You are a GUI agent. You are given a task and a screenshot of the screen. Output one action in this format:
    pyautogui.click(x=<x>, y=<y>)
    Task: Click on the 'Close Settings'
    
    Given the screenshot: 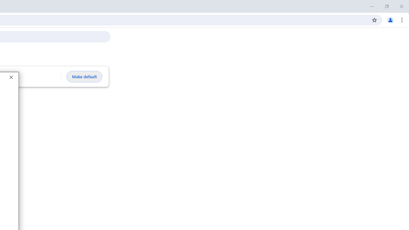 What is the action you would take?
    pyautogui.click(x=11, y=77)
    